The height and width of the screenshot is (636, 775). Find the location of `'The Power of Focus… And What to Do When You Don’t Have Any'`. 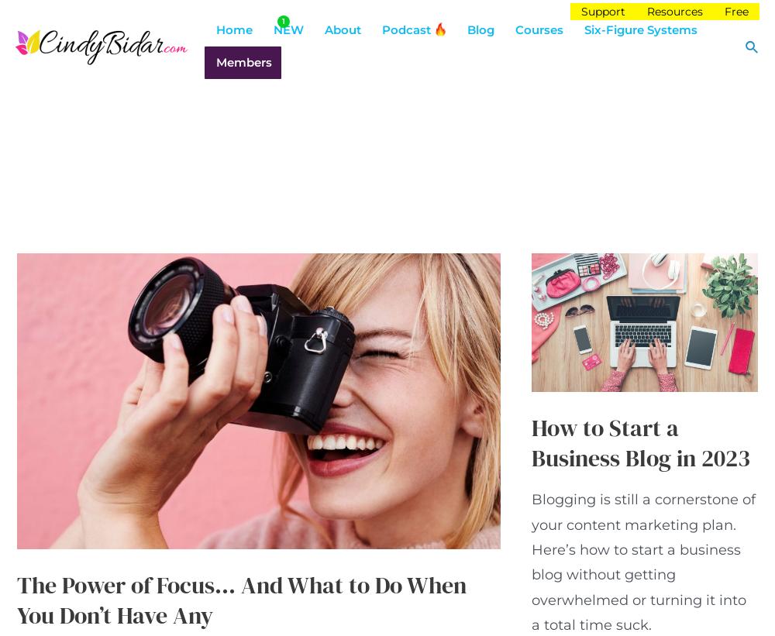

'The Power of Focus… And What to Do When You Don’t Have Any' is located at coordinates (242, 600).